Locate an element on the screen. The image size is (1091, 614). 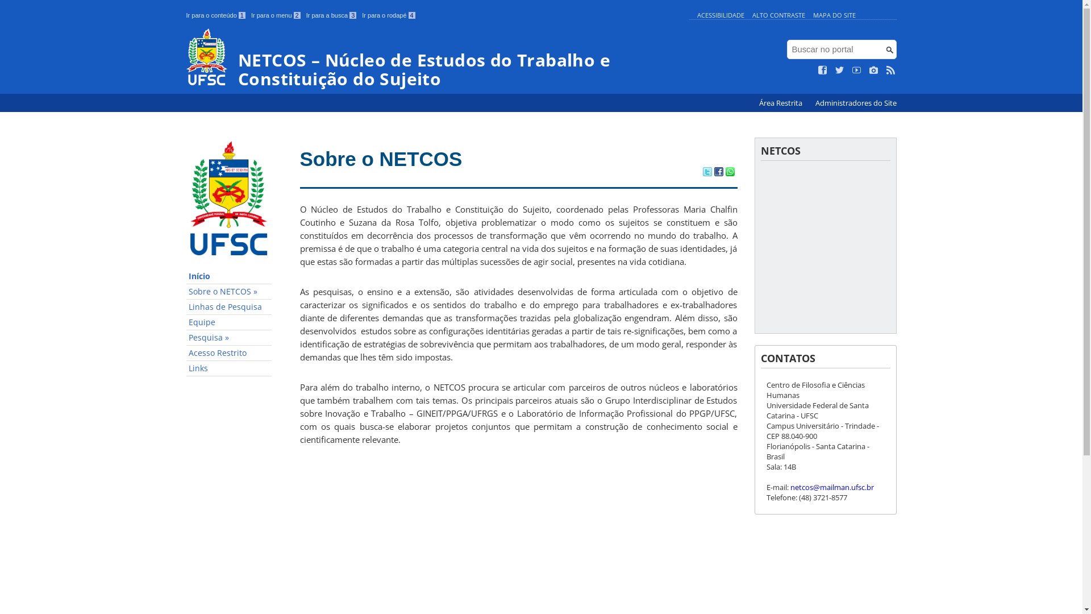
'Links' is located at coordinates (228, 368).